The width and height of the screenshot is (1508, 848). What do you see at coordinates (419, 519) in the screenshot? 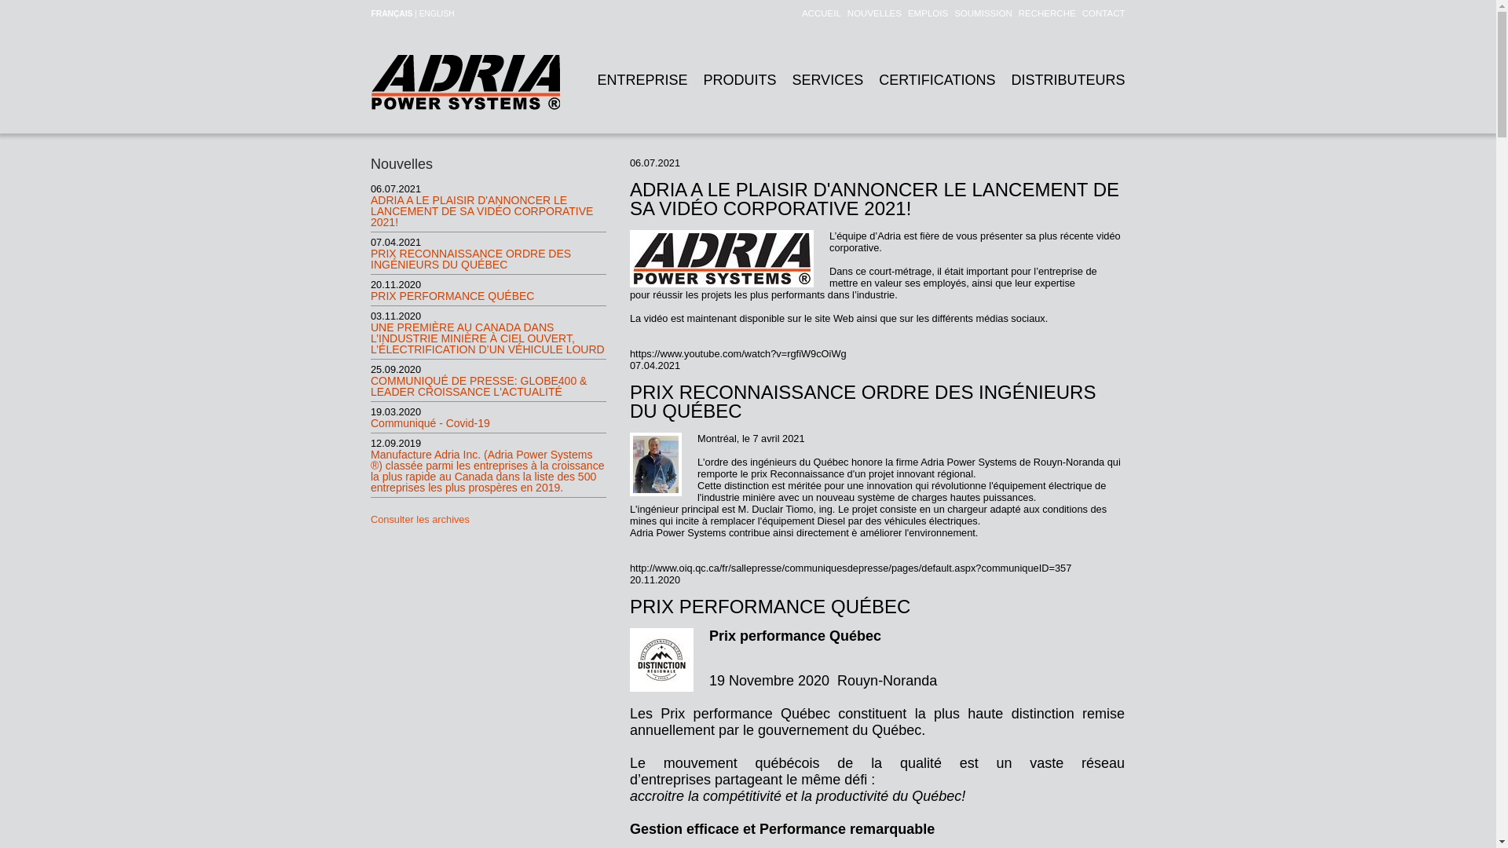
I see `'Consulter les archives'` at bounding box center [419, 519].